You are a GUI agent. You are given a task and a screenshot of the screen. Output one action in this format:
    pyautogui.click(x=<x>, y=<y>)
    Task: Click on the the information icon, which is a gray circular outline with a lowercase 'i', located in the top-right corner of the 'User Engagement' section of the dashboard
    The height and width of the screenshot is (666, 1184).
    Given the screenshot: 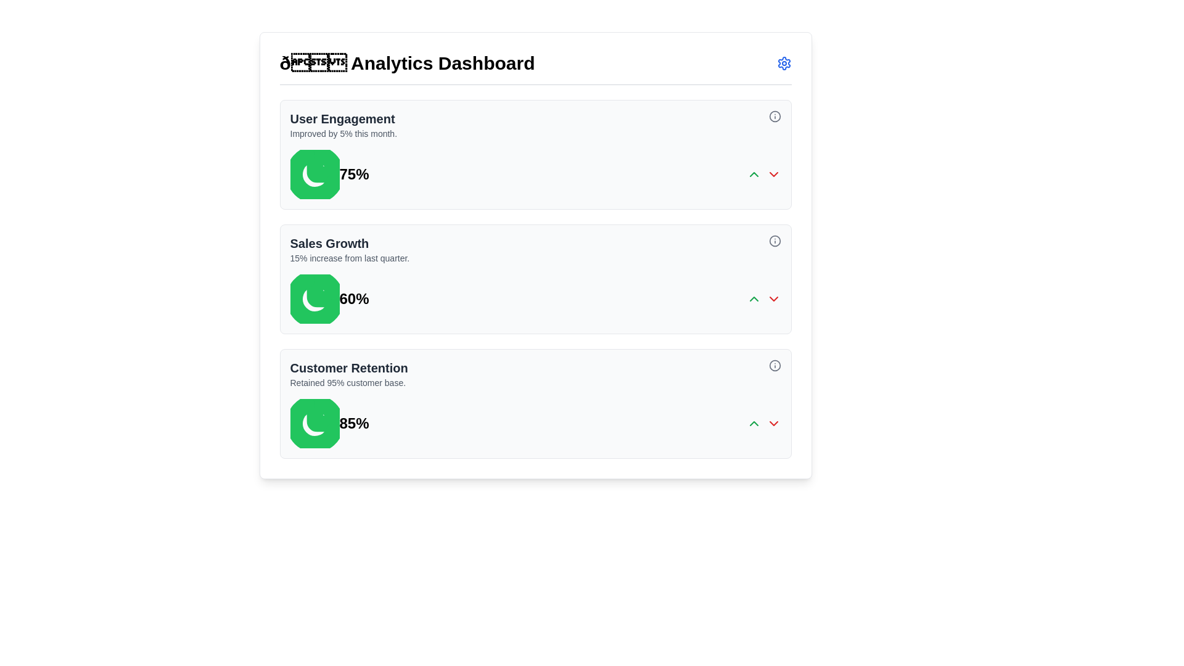 What is the action you would take?
    pyautogui.click(x=774, y=117)
    